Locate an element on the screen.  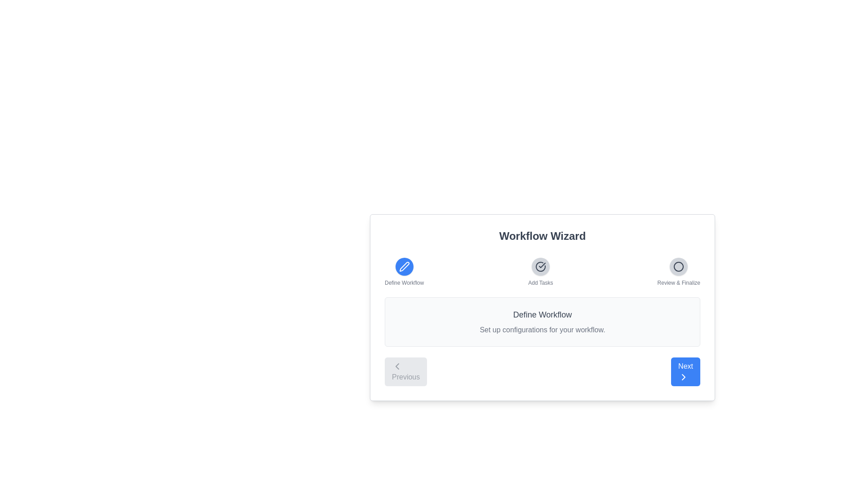
the icon labeled 'Define Workflow', which is the first in a sequence of three icons and is located above the text 'Define Workflow' is located at coordinates (404, 271).